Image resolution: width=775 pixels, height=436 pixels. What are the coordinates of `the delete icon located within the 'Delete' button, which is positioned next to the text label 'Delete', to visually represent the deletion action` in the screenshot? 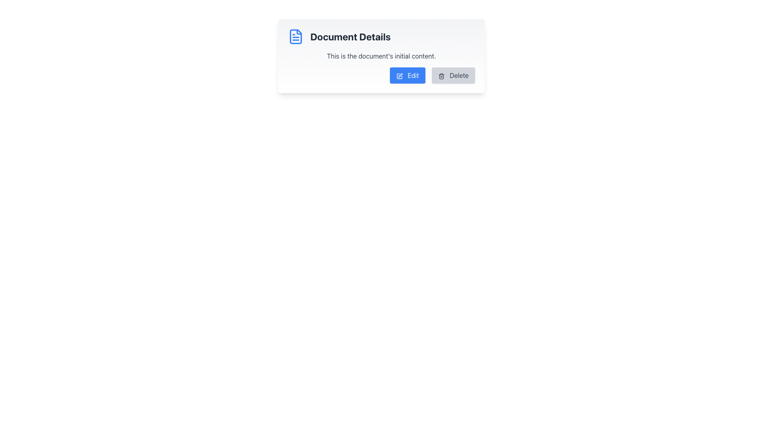 It's located at (441, 76).